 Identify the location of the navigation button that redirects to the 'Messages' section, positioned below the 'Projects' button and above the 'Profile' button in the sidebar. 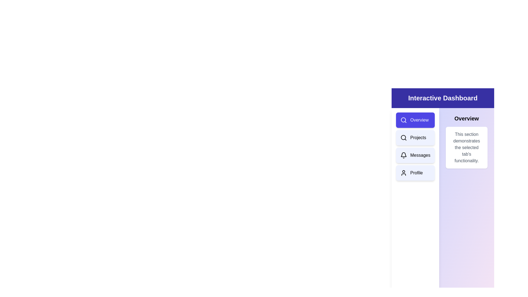
(415, 155).